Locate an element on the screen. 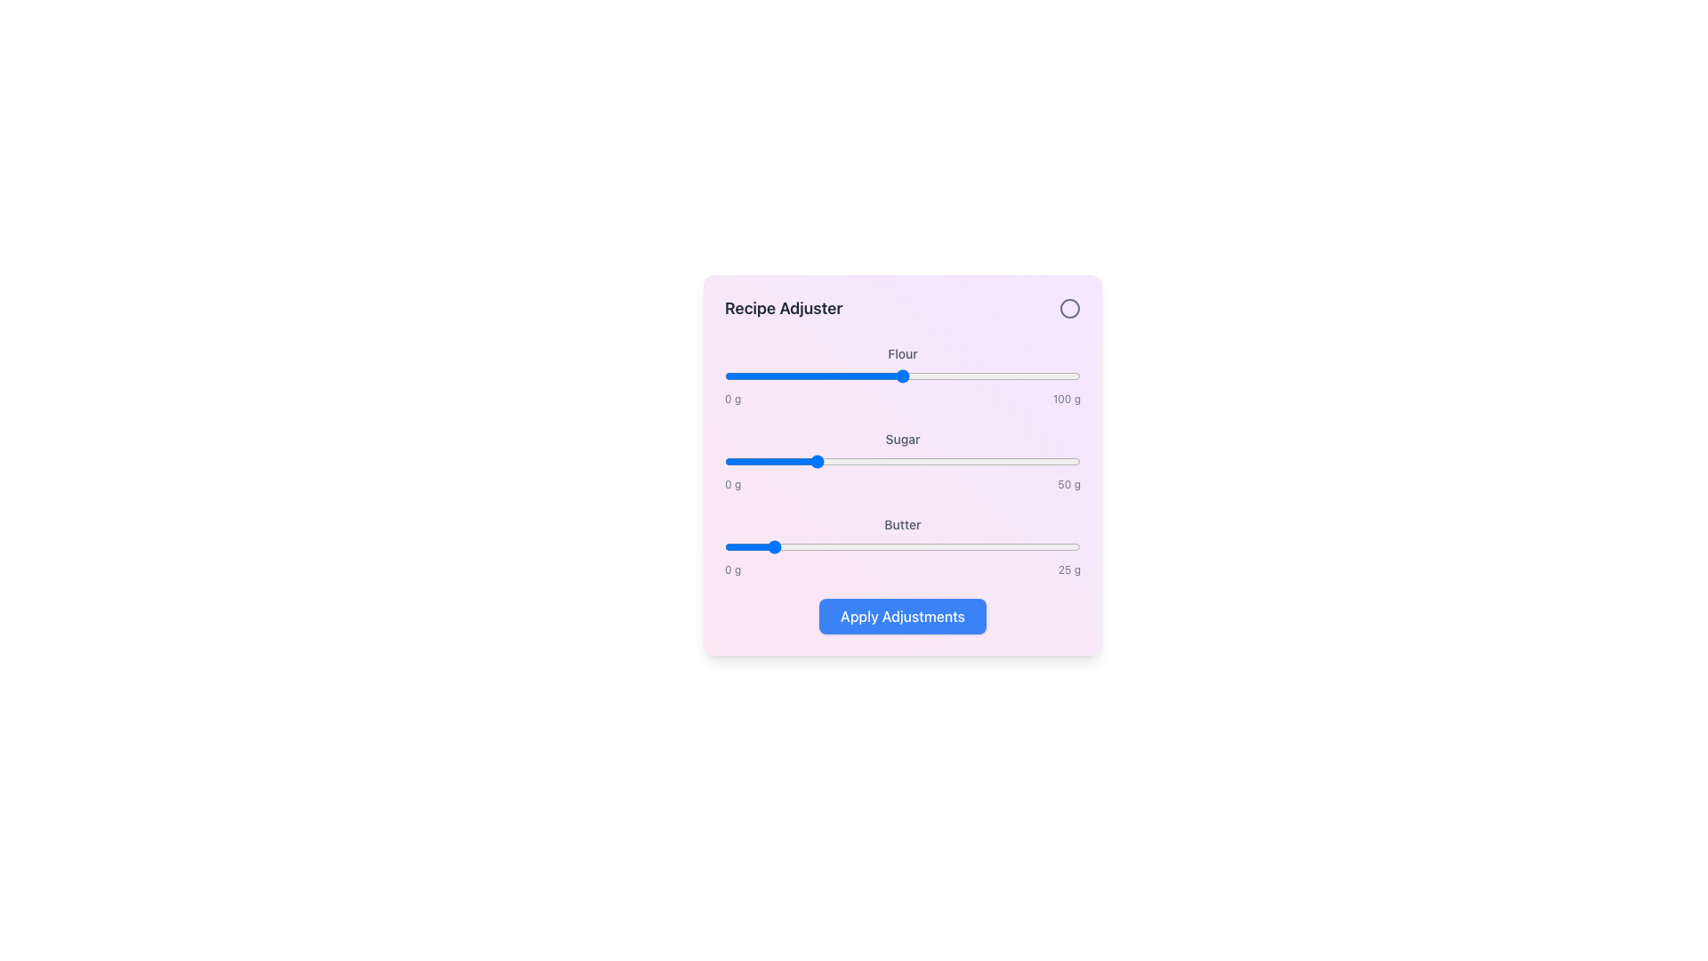 The height and width of the screenshot is (961, 1708). sugar level is located at coordinates (1059, 461).